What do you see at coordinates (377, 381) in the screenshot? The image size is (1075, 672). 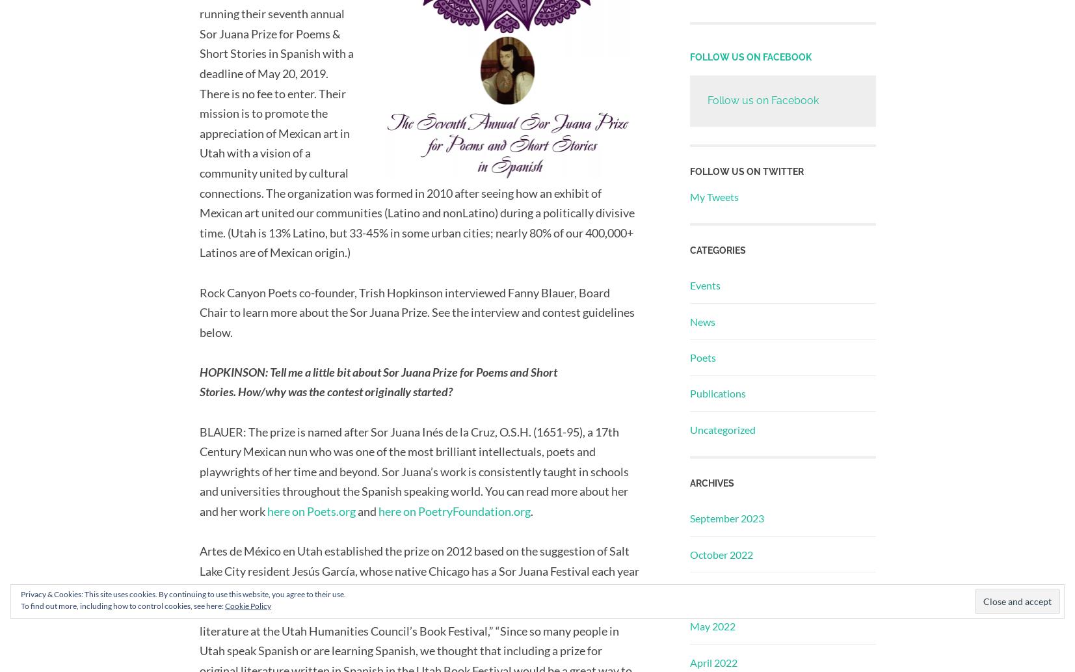 I see `'HOPKINSON: Tell me a little bit about Sor Juana Prize for Poems and Short Stories. How/why was the contest originally started?'` at bounding box center [377, 381].